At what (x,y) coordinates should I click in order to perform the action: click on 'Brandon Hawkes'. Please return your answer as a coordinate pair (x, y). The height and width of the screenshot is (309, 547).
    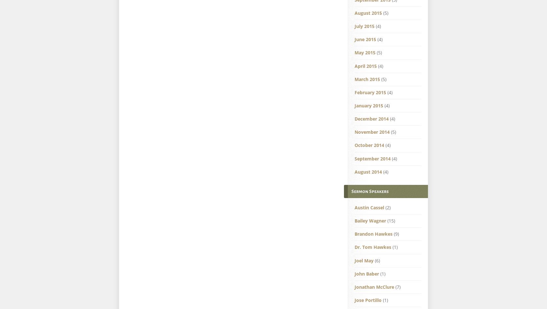
    Looking at the image, I should click on (373, 234).